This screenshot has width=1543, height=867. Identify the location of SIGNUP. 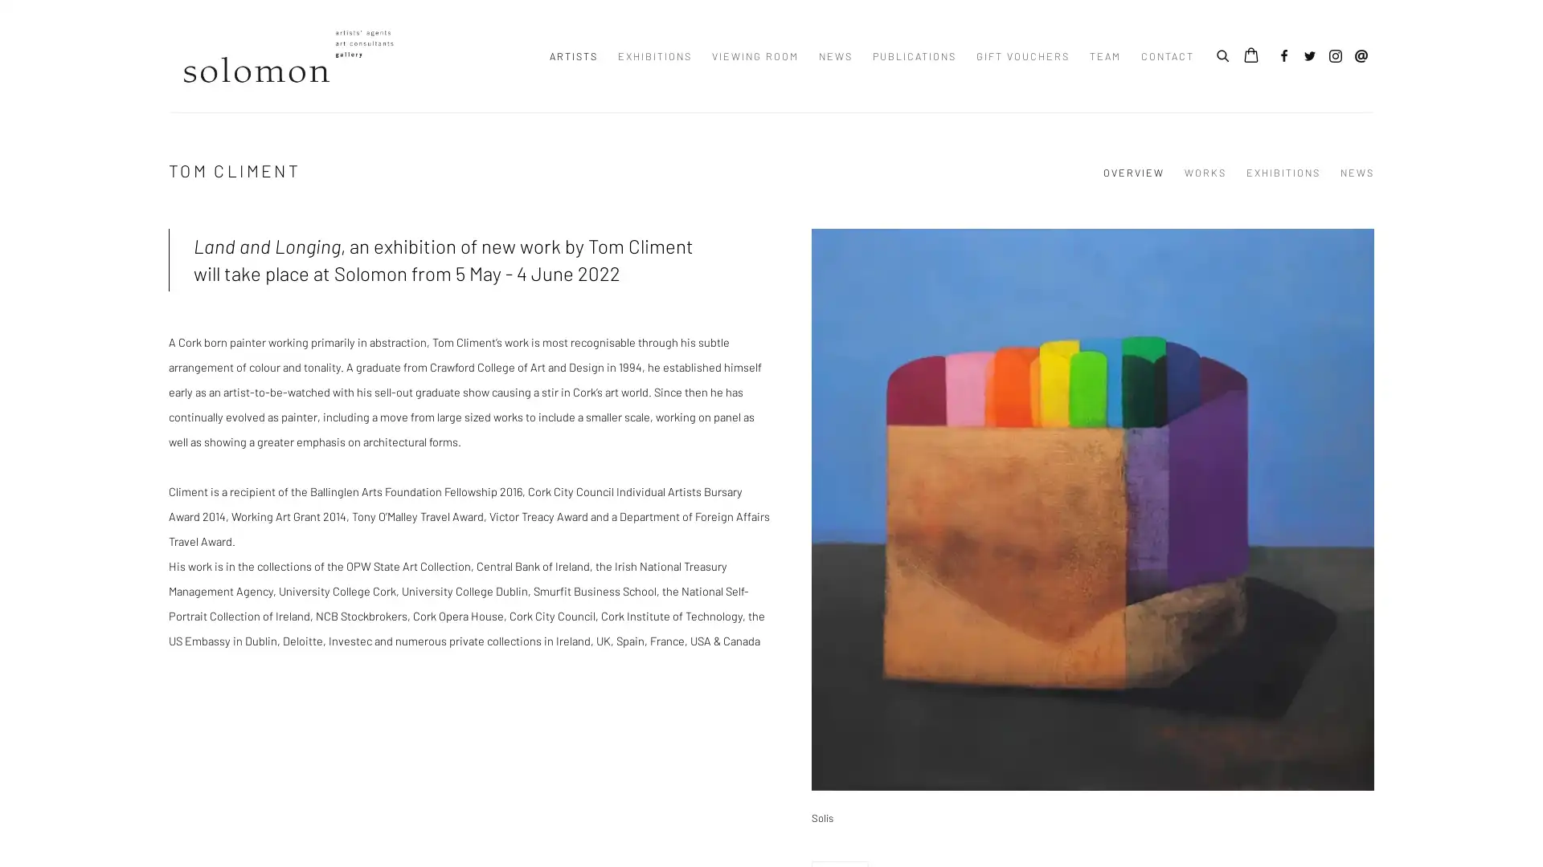
(624, 511).